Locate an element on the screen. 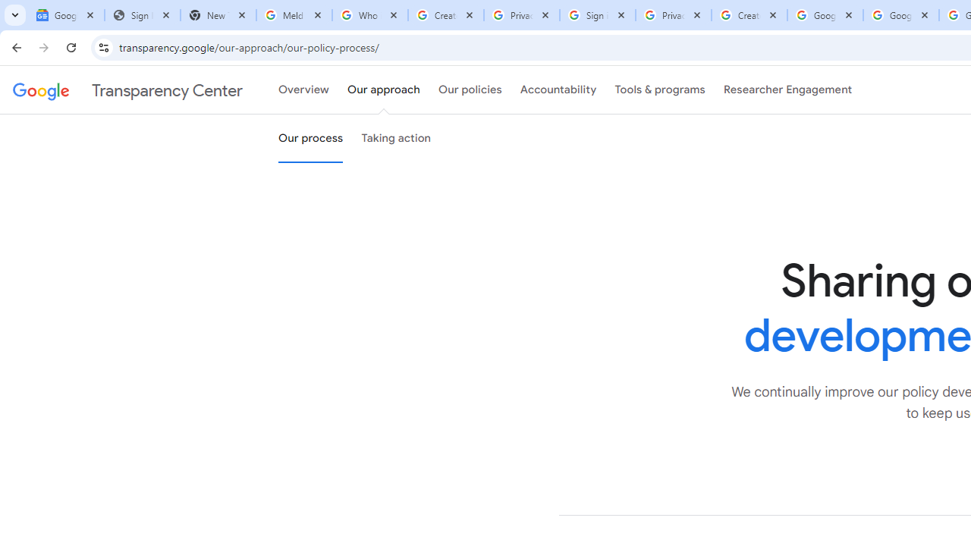 The height and width of the screenshot is (546, 971). 'Our process' is located at coordinates (310, 139).